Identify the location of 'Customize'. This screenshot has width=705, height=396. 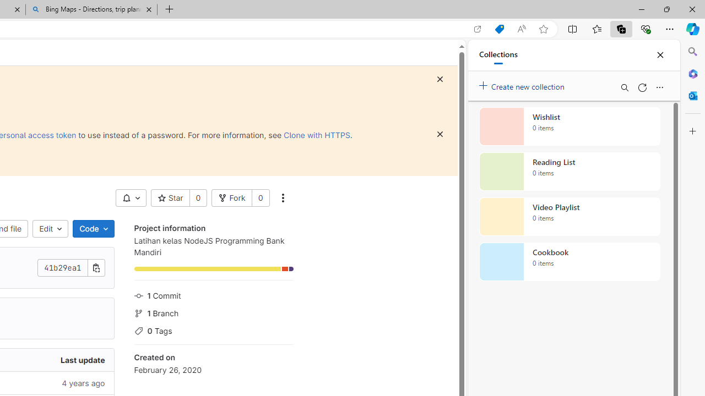
(692, 131).